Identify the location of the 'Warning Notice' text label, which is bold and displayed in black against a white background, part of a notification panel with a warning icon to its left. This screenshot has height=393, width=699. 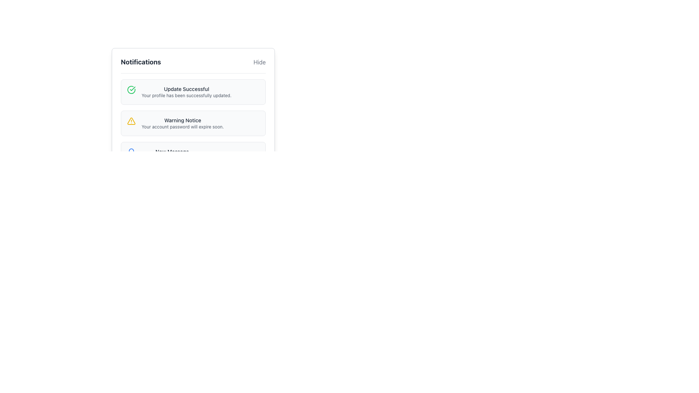
(182, 120).